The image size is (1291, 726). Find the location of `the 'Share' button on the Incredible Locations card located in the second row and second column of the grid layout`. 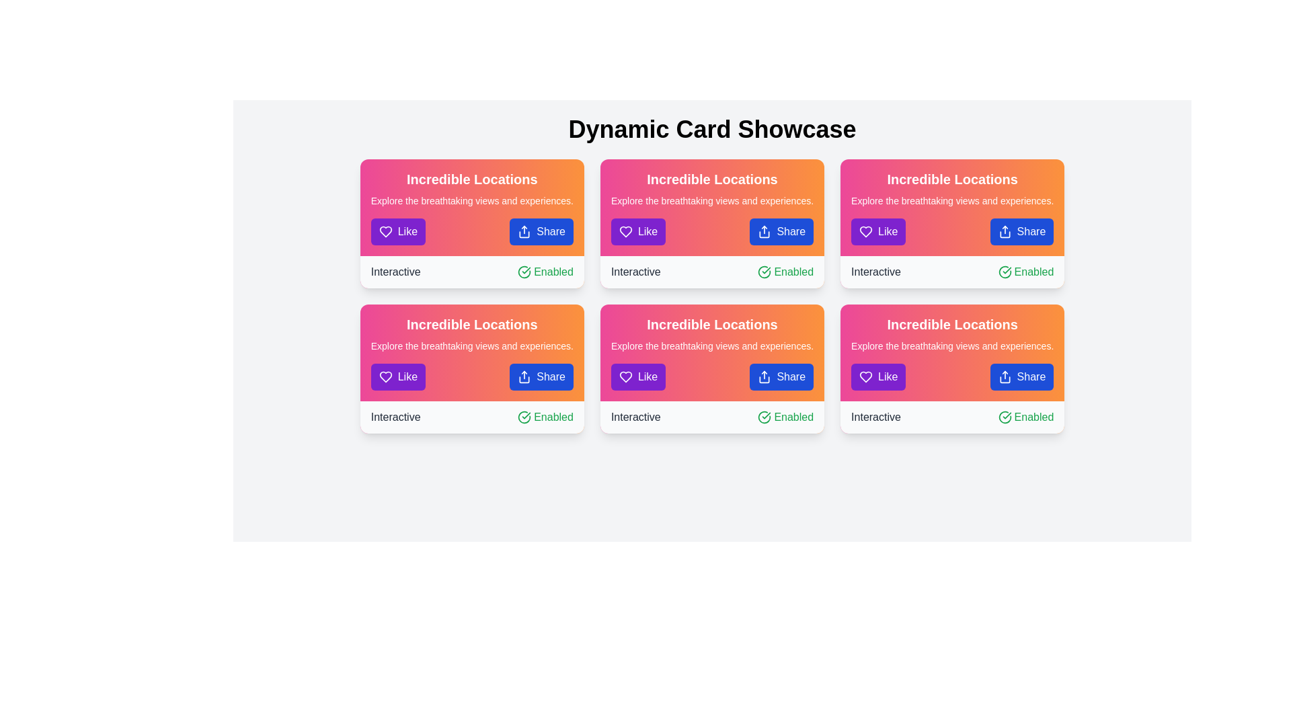

the 'Share' button on the Incredible Locations card located in the second row and second column of the grid layout is located at coordinates (711, 368).